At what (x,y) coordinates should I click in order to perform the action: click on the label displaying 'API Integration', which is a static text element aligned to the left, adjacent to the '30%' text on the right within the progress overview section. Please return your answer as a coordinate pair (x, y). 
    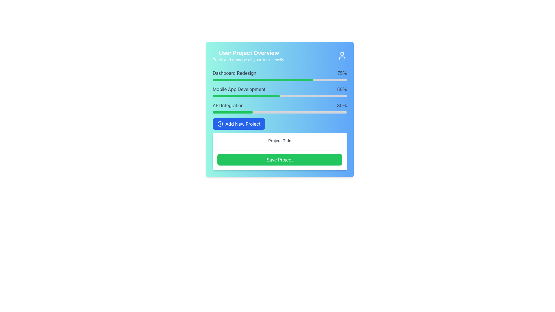
    Looking at the image, I should click on (228, 105).